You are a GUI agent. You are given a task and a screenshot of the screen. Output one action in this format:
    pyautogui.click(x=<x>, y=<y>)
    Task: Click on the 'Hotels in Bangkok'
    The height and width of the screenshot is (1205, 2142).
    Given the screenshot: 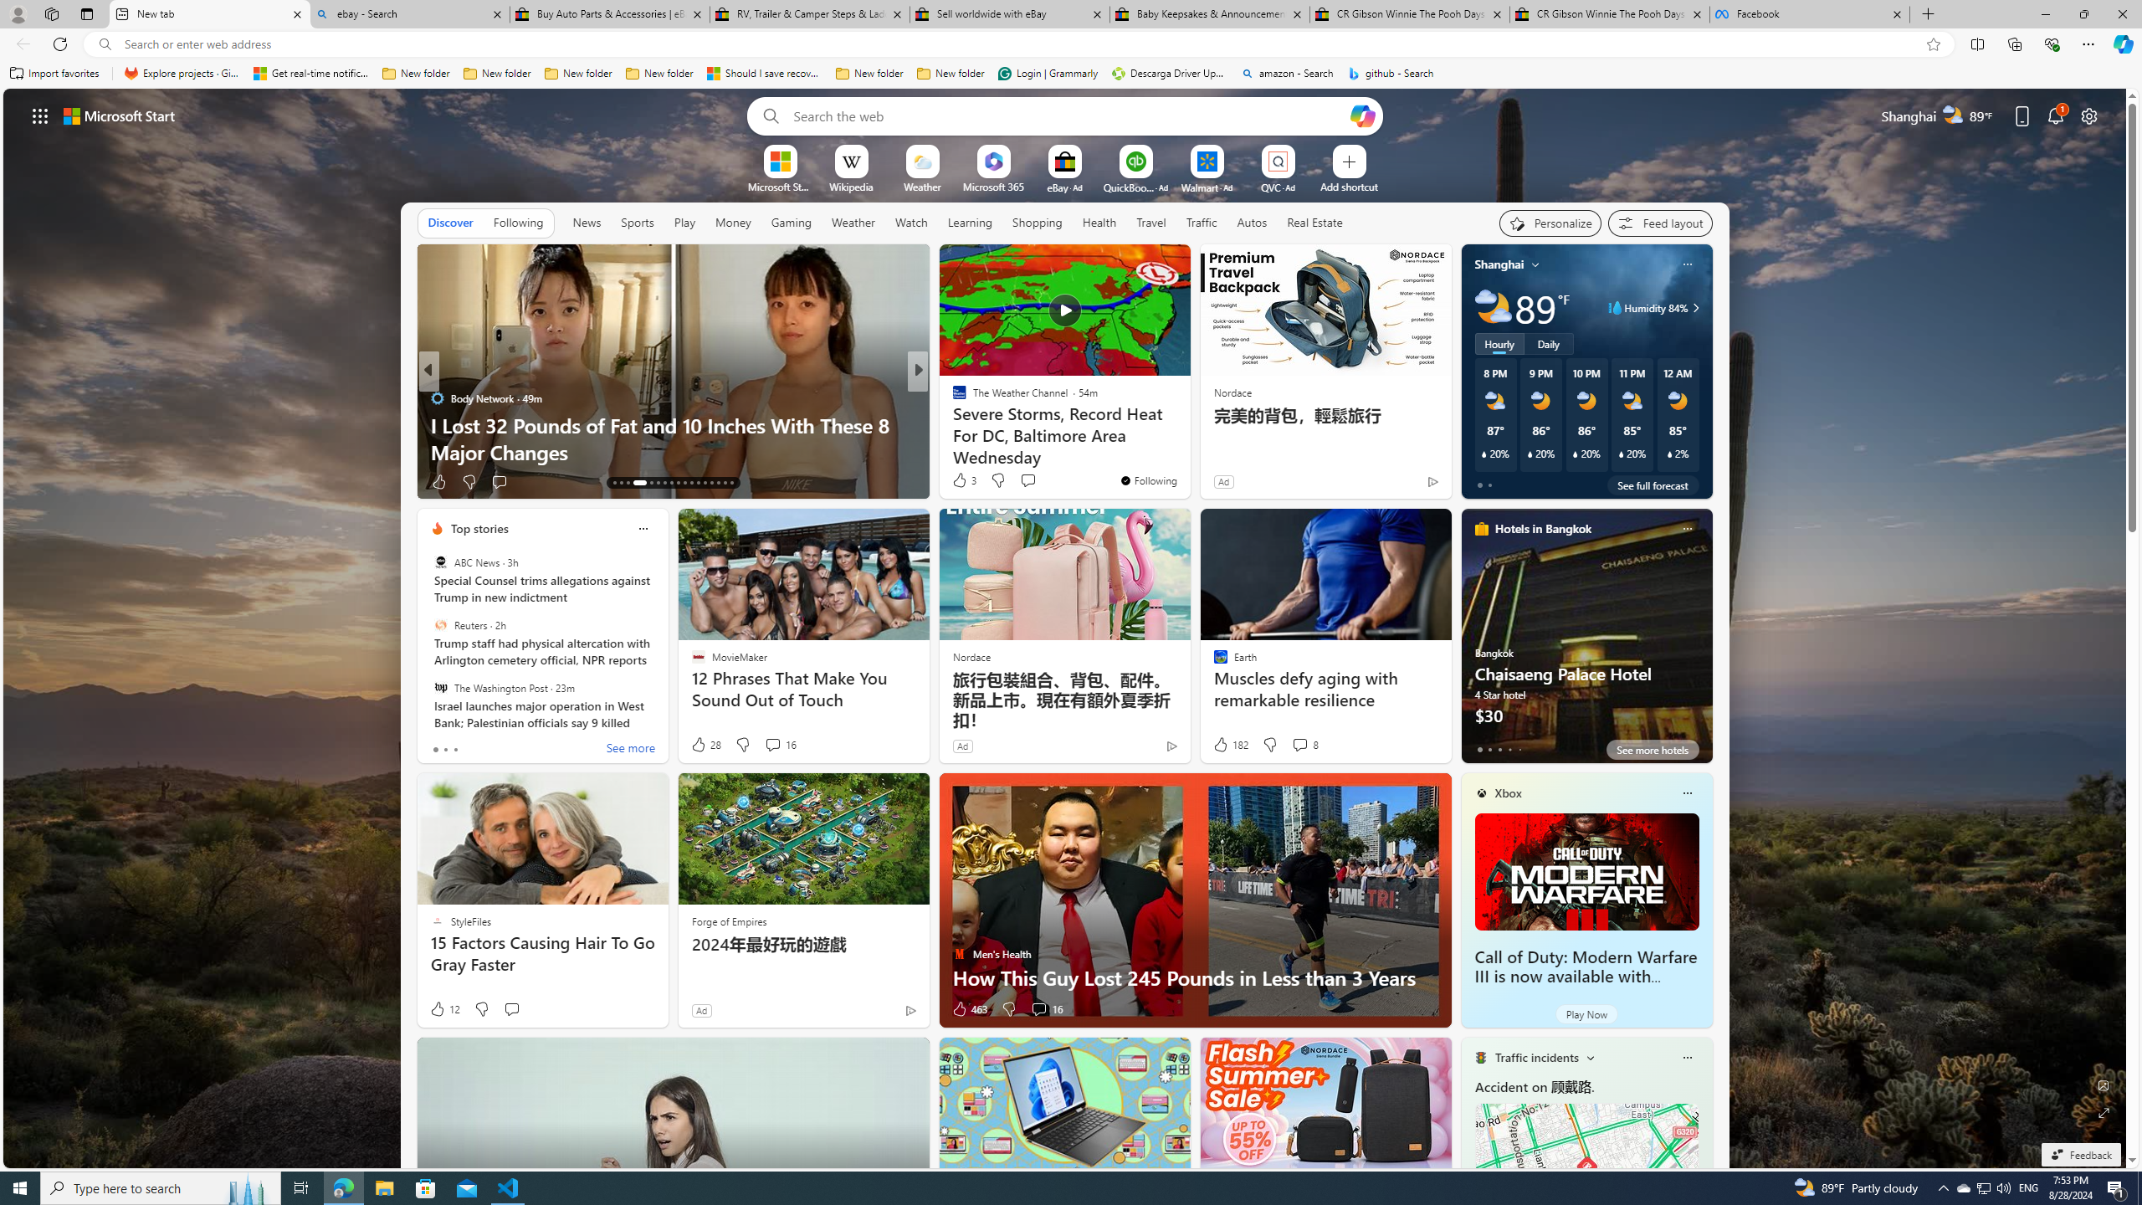 What is the action you would take?
    pyautogui.click(x=1542, y=528)
    